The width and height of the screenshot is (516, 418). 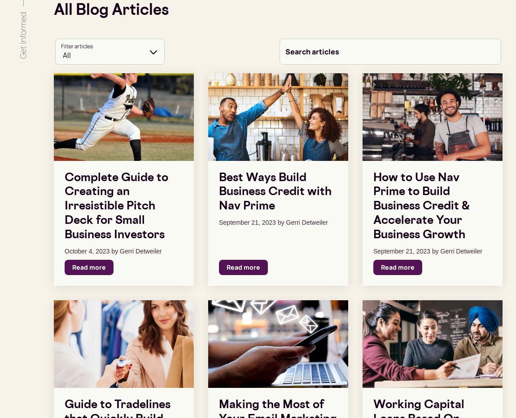 I want to click on 'All Blog Articles', so click(x=111, y=10).